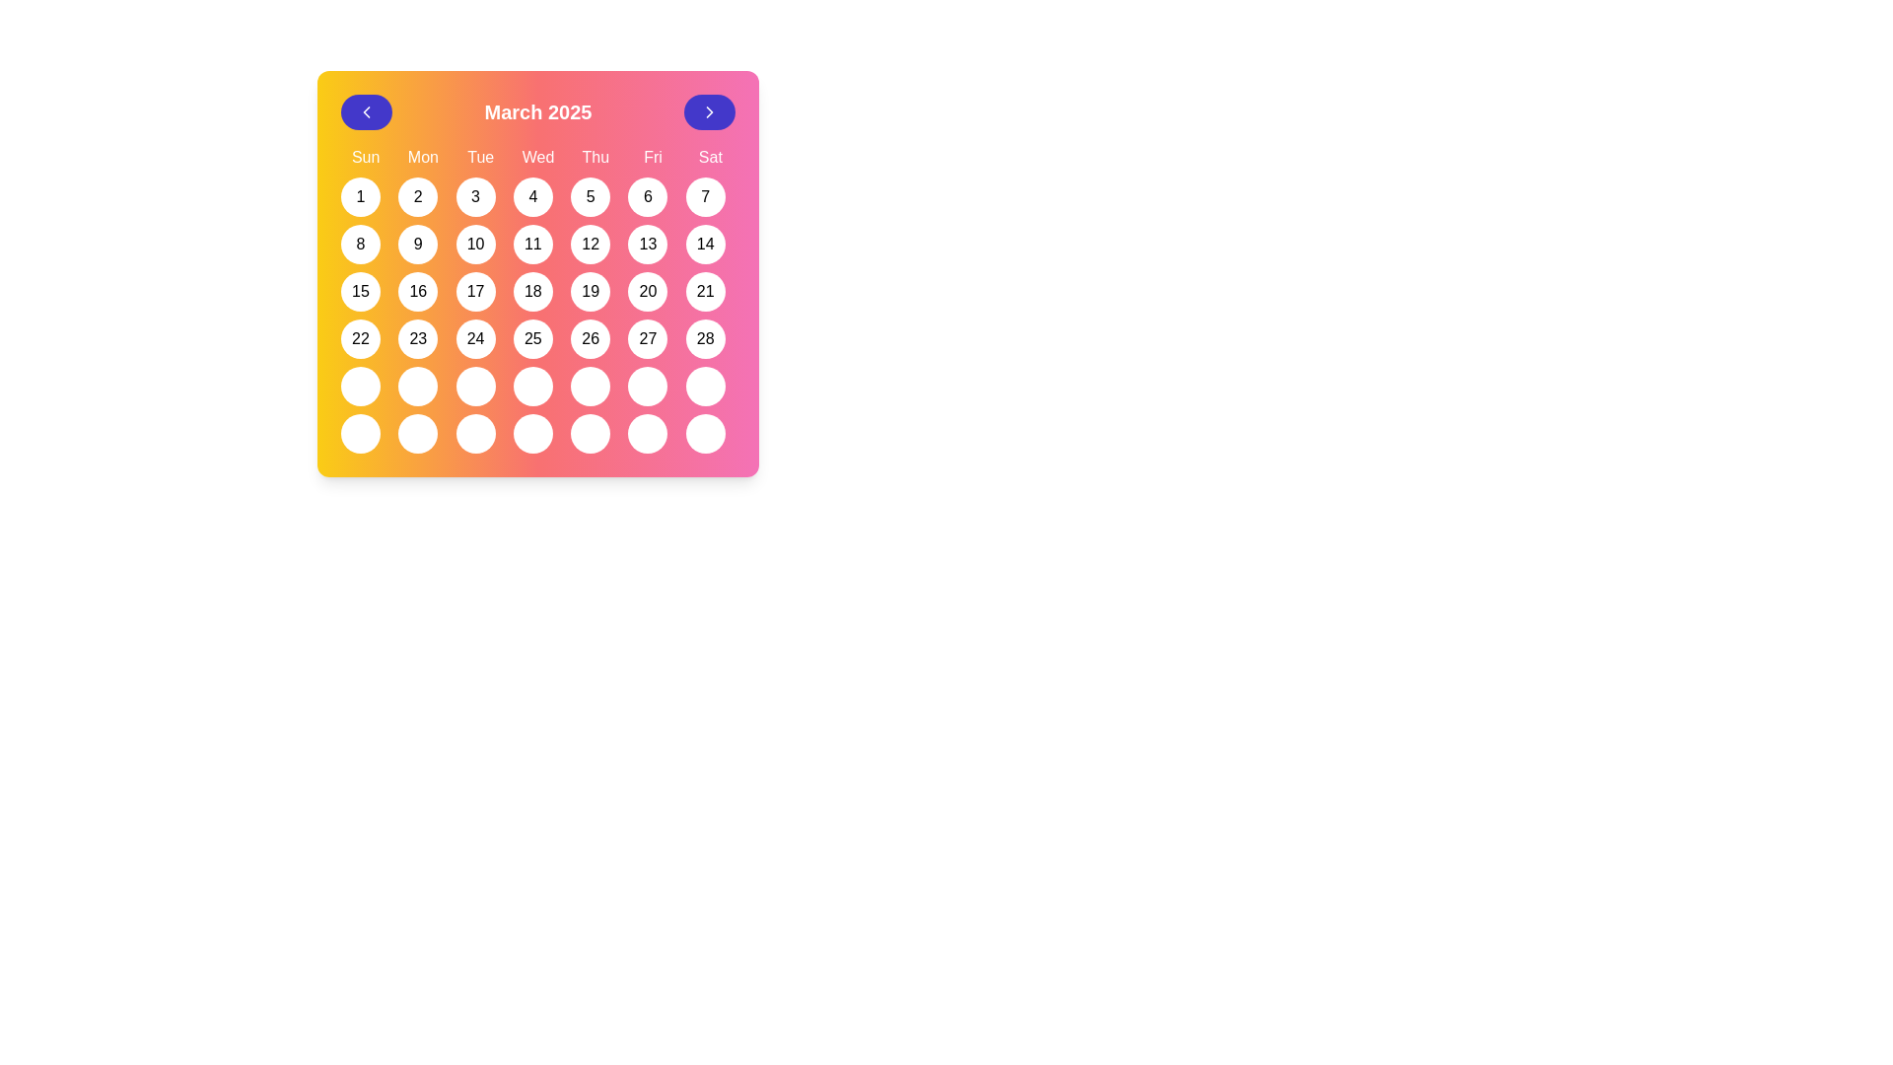 This screenshot has height=1065, width=1893. What do you see at coordinates (475, 432) in the screenshot?
I see `the selectable day button located in the bottom row of the calendar grid under 'Tue'` at bounding box center [475, 432].